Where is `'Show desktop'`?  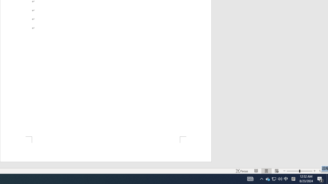
'Show desktop' is located at coordinates (327, 178).